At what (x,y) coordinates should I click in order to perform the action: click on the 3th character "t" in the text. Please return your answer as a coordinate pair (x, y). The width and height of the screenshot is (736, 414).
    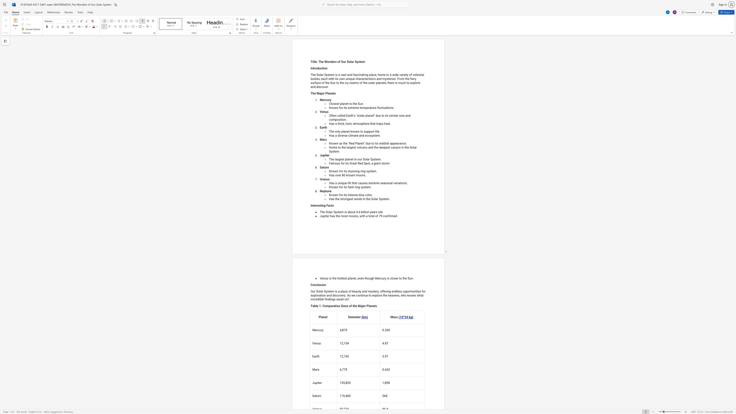
    Looking at the image, I should click on (355, 147).